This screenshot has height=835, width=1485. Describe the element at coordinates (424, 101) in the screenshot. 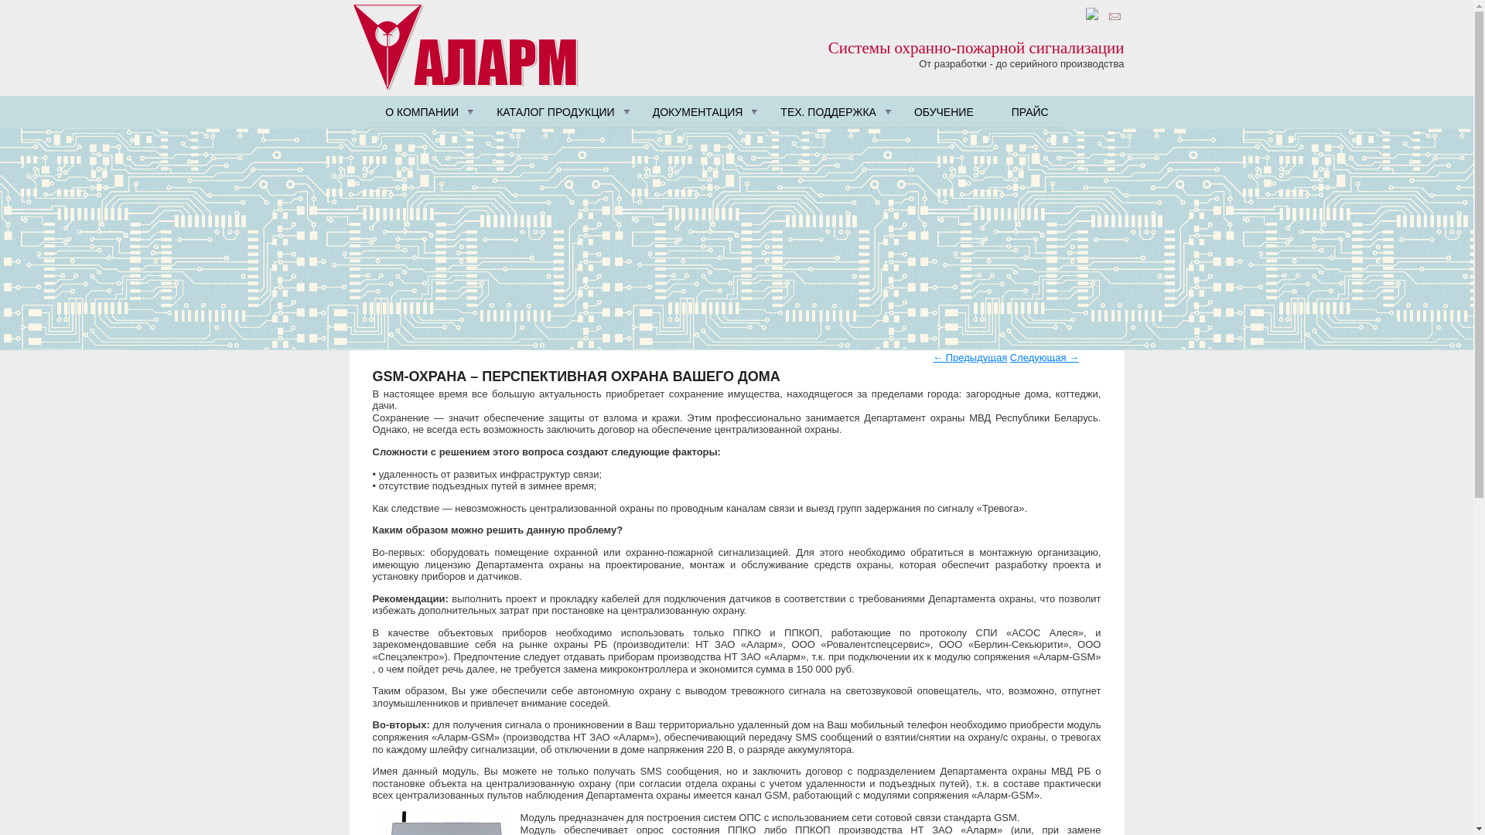

I see `'Skip to primary content'` at that location.